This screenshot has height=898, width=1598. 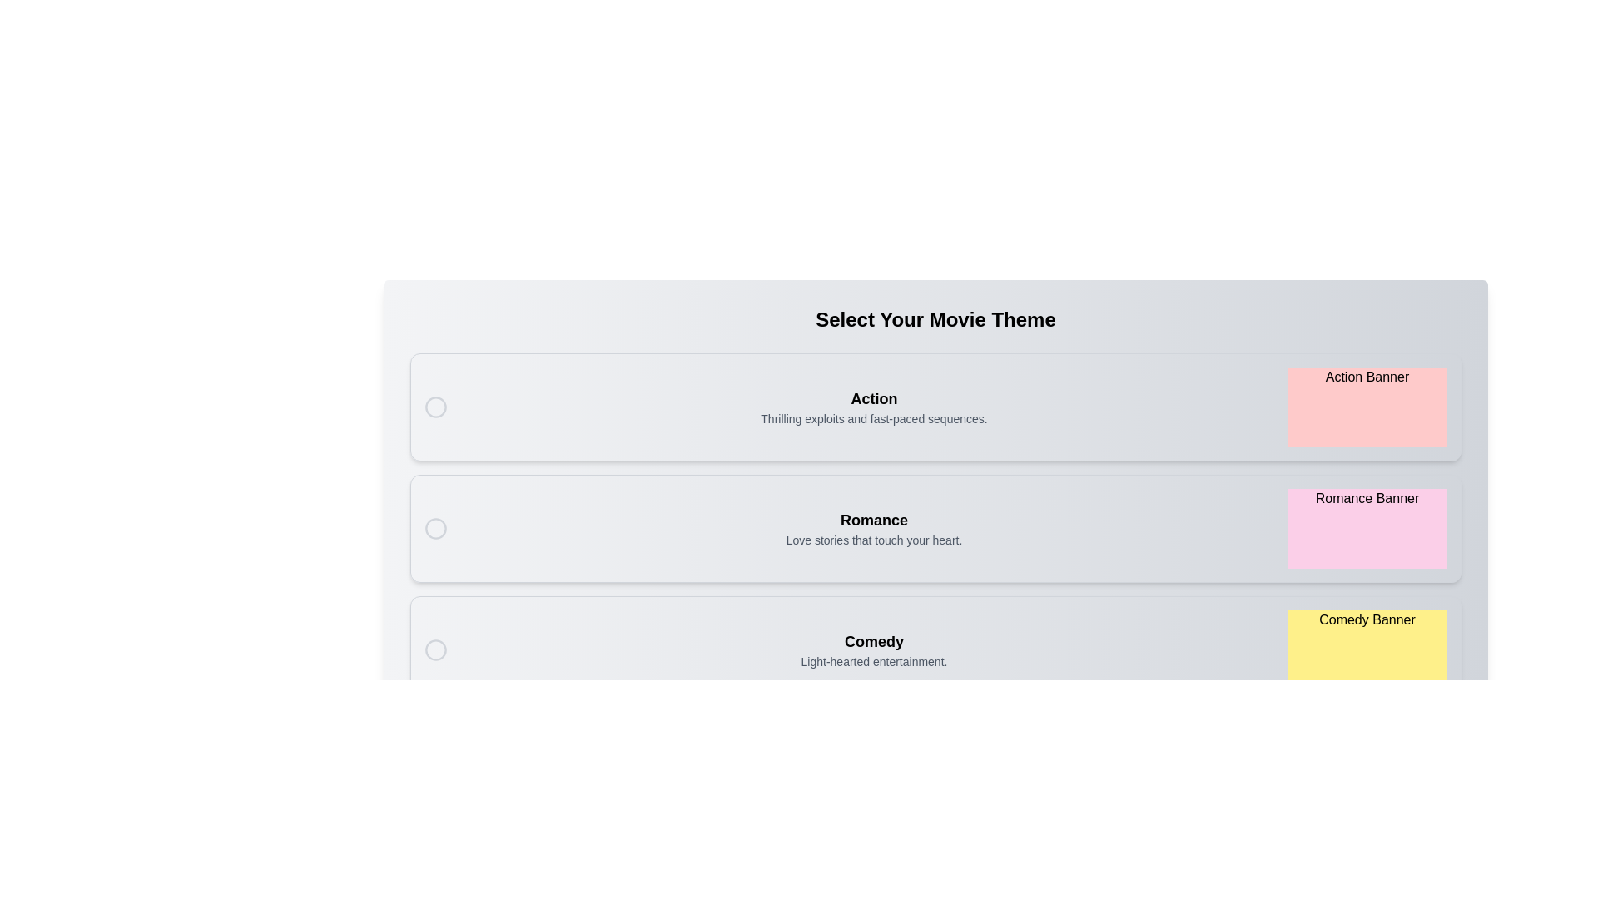 What do you see at coordinates (873, 519) in the screenshot?
I see `text content of the bold text label 'Romance', which is centrally located in the vertical list of categories` at bounding box center [873, 519].